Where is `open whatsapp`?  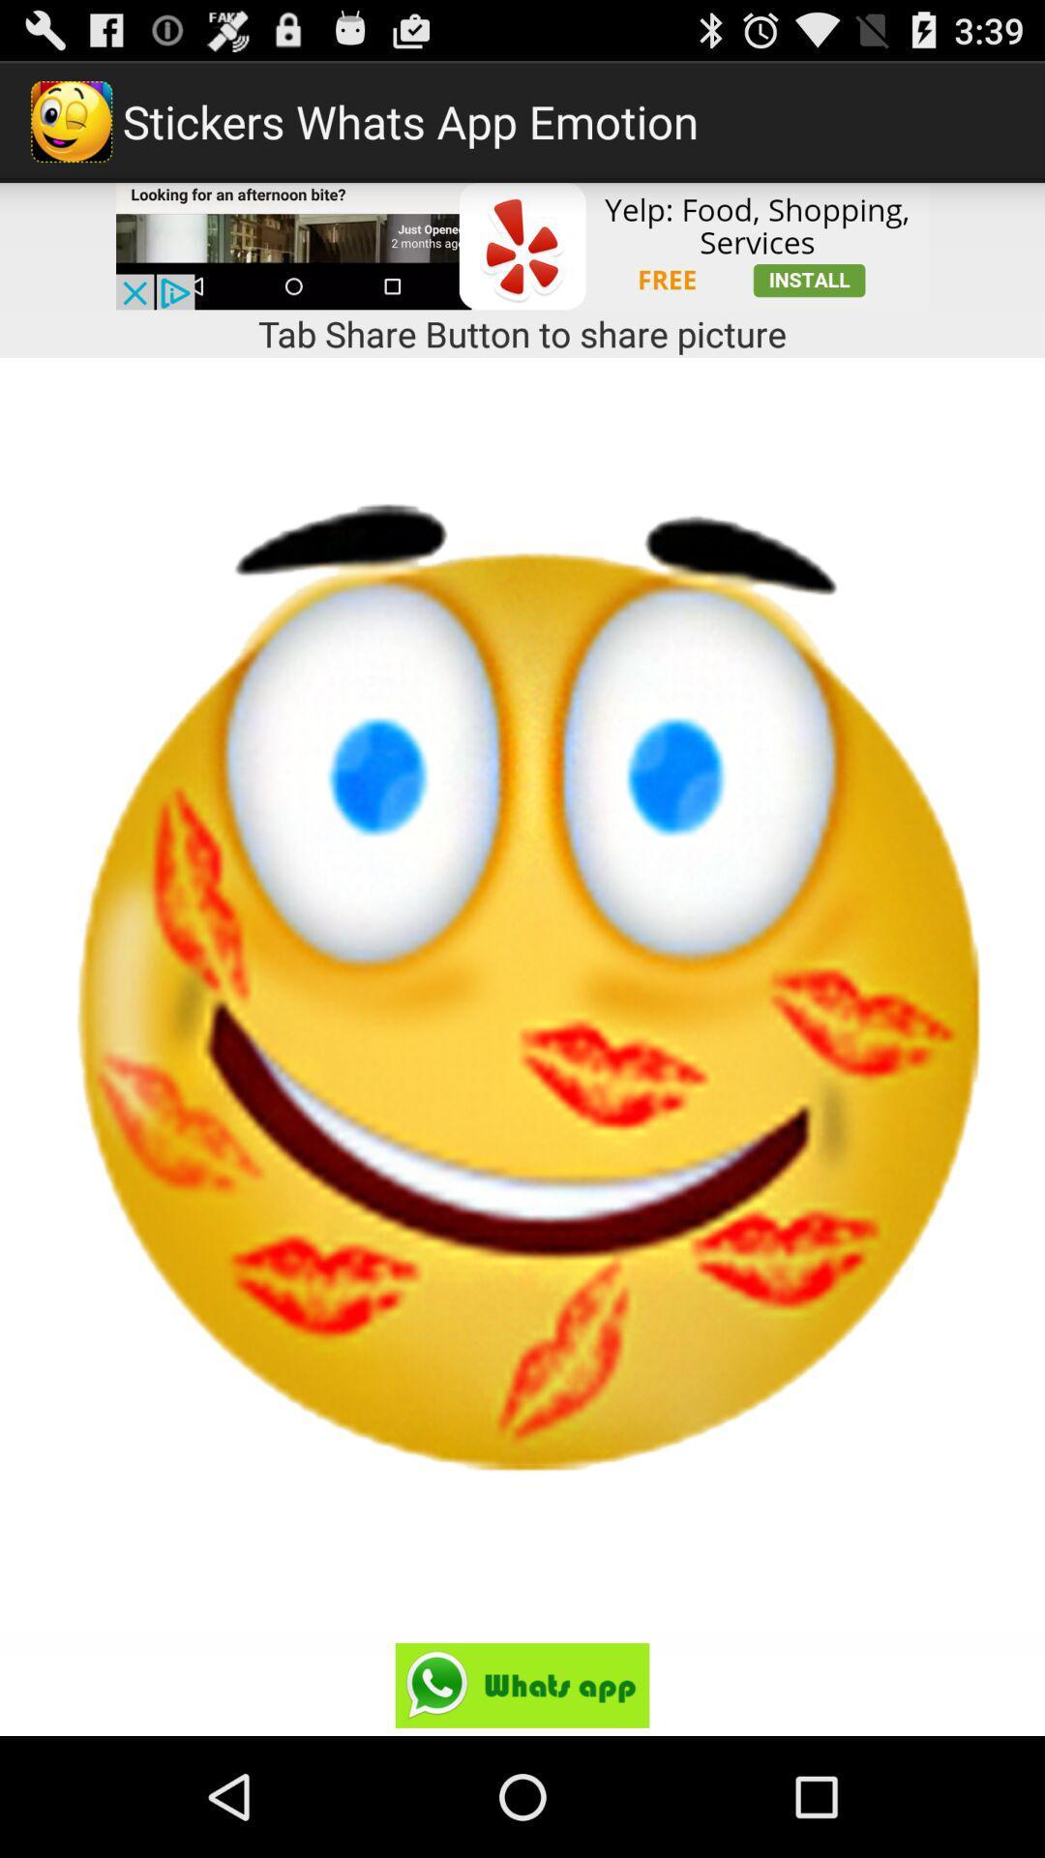
open whatsapp is located at coordinates (522, 1684).